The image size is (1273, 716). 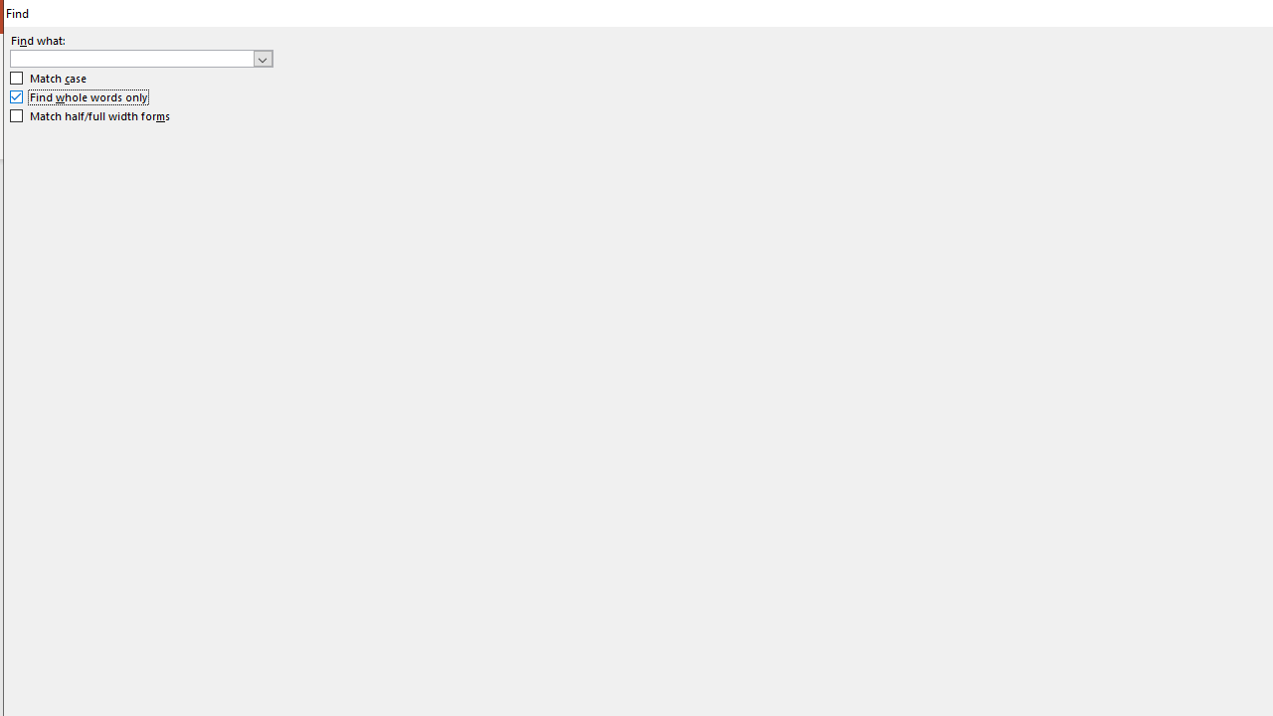 What do you see at coordinates (49, 78) in the screenshot?
I see `'Match case'` at bounding box center [49, 78].